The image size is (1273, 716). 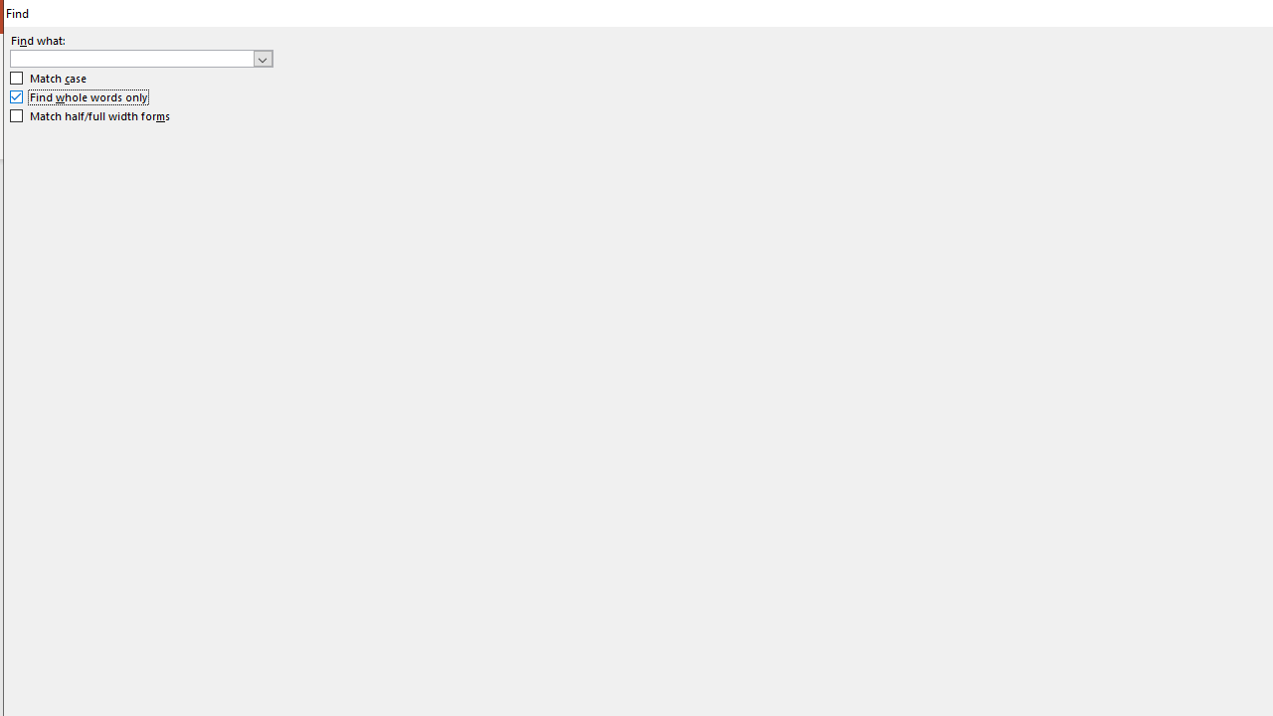 What do you see at coordinates (49, 78) in the screenshot?
I see `'Match case'` at bounding box center [49, 78].